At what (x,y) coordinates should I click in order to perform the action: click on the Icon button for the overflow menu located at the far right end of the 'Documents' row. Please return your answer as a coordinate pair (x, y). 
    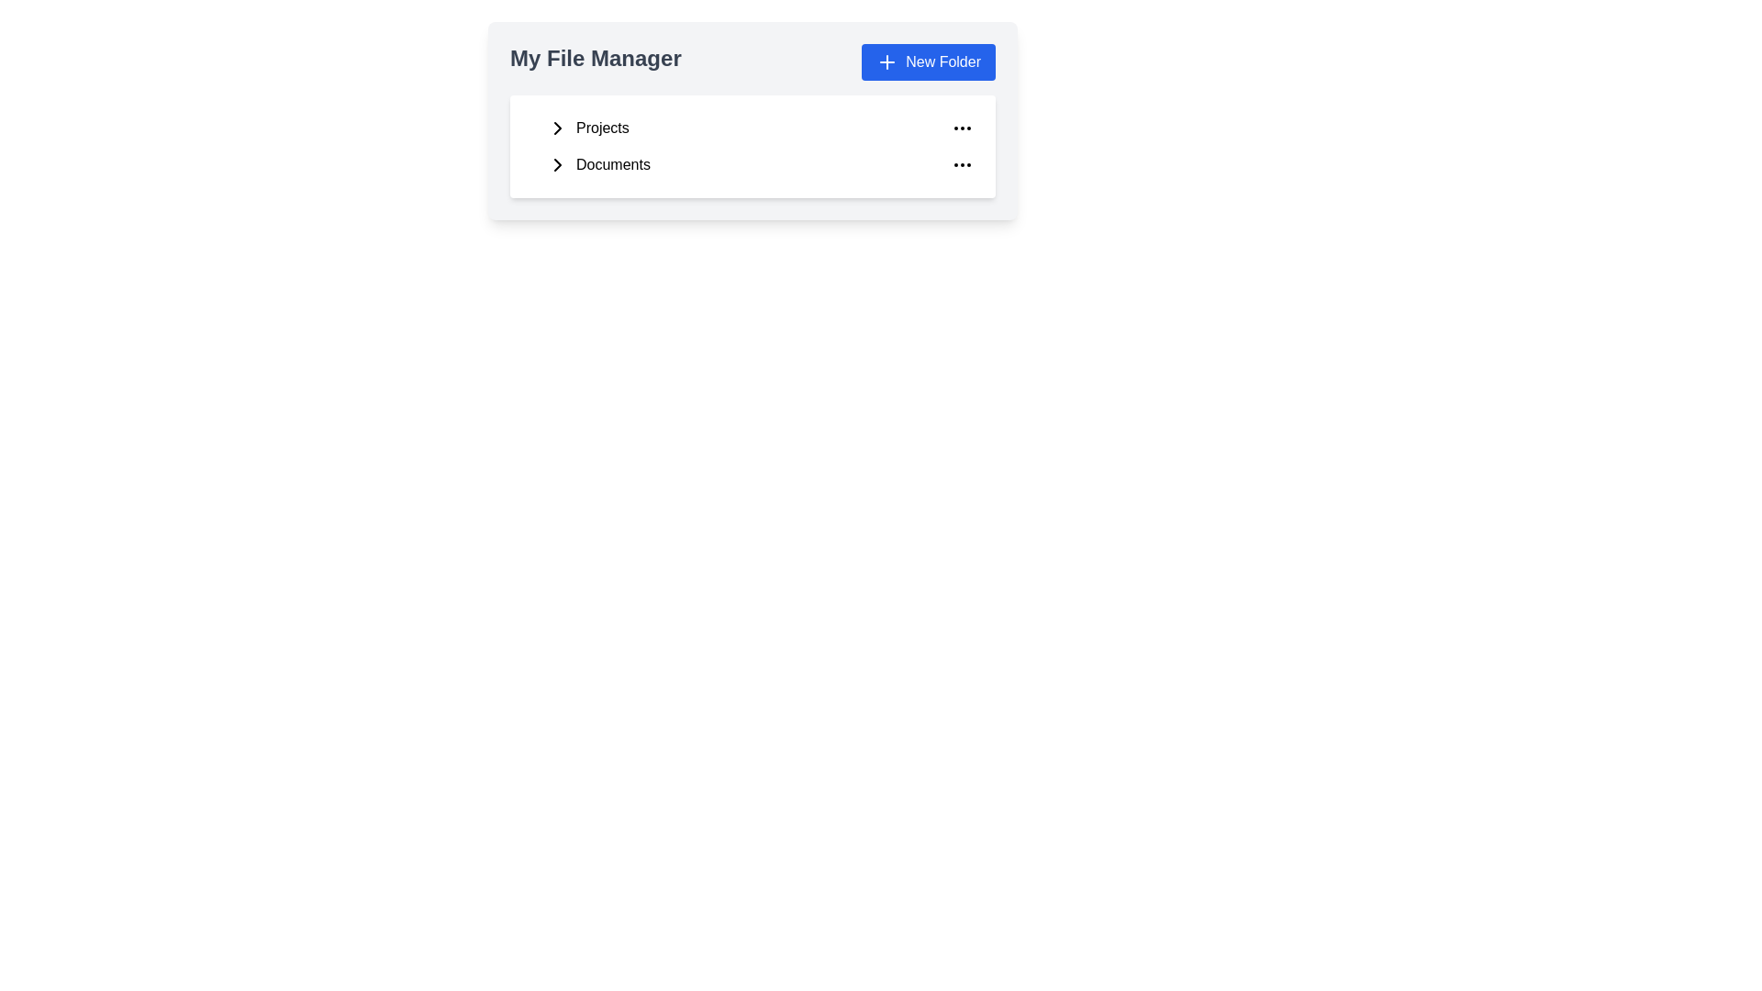
    Looking at the image, I should click on (962, 165).